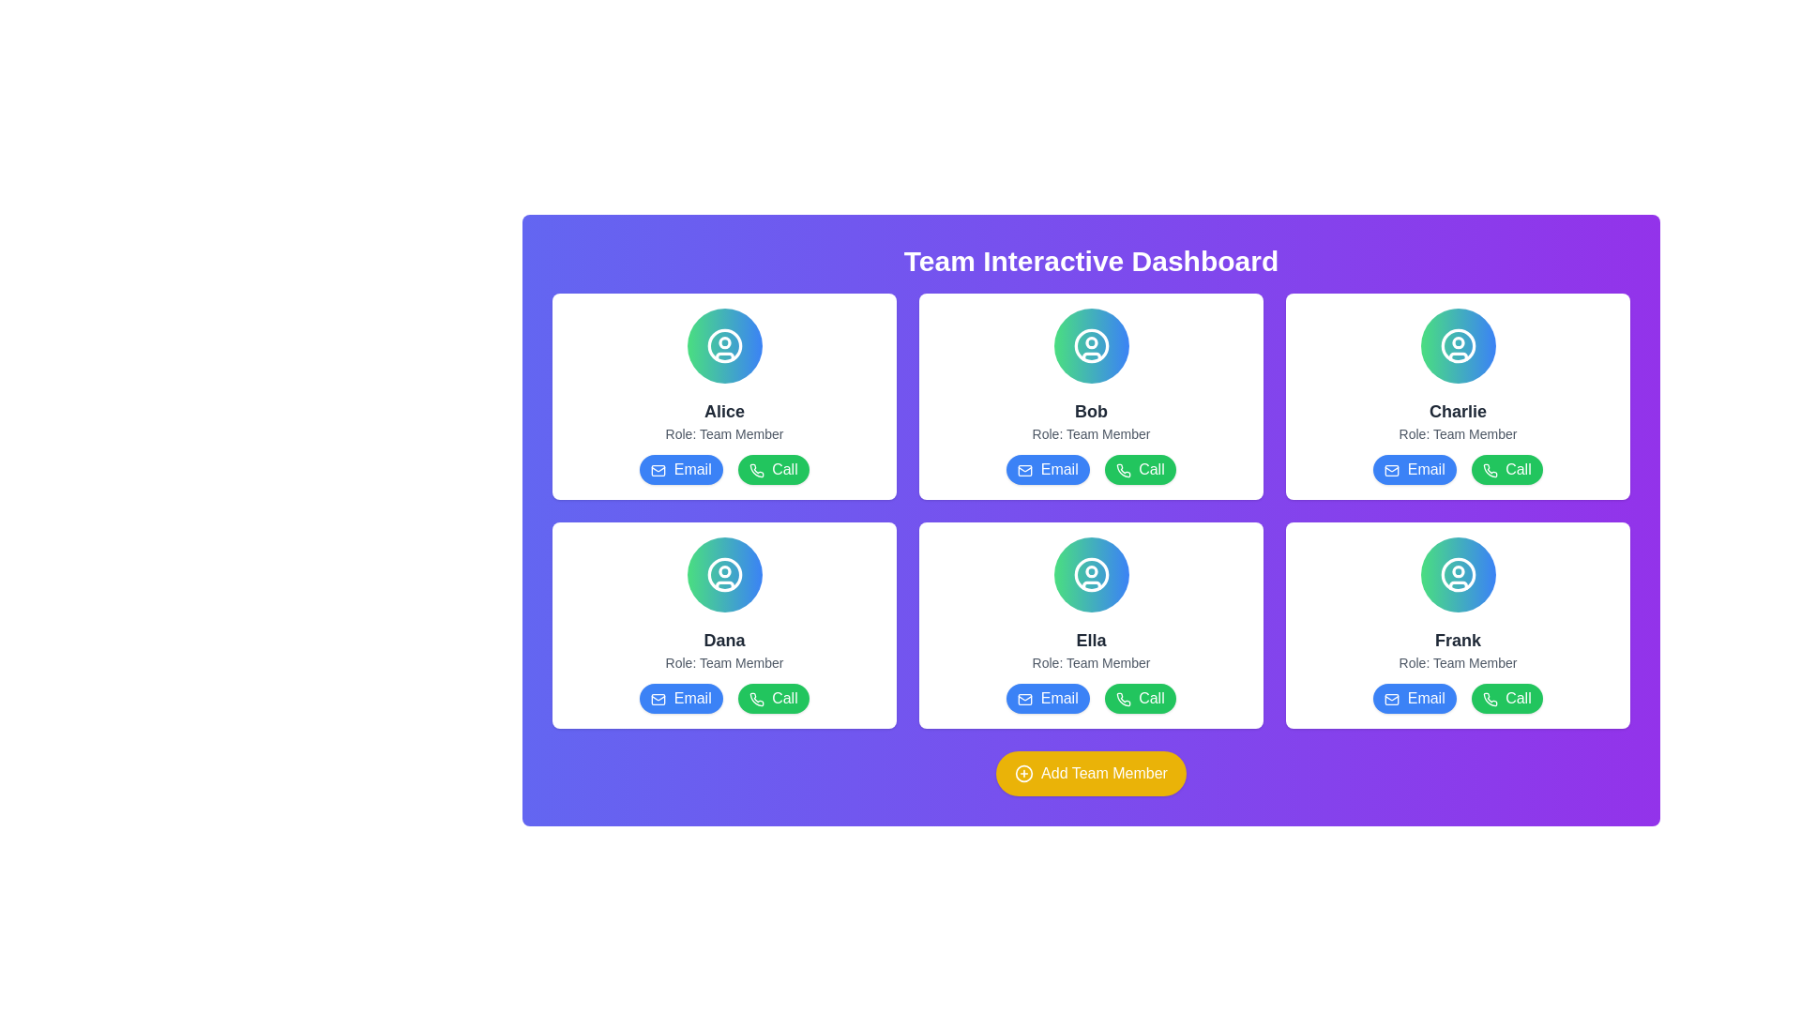 The height and width of the screenshot is (1013, 1801). What do you see at coordinates (1457, 661) in the screenshot?
I see `the static text displaying 'Role: Team Member' which is styled in a smaller gray font, located below the name 'Frank' in a card on the dashboard` at bounding box center [1457, 661].